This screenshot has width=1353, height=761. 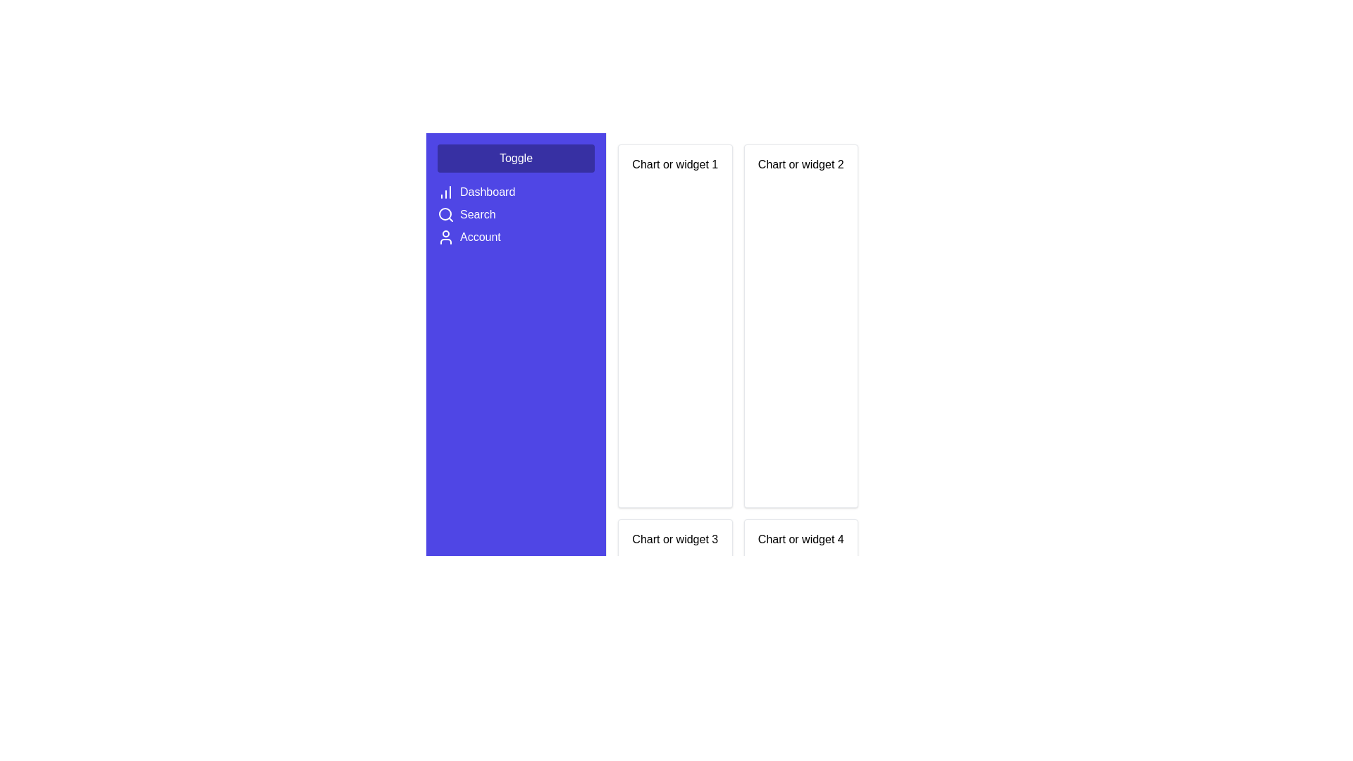 I want to click on the 'Dashboard' icon located on the left sidebar, which is positioned immediately to the left of the text 'Dashboard.', so click(x=445, y=192).